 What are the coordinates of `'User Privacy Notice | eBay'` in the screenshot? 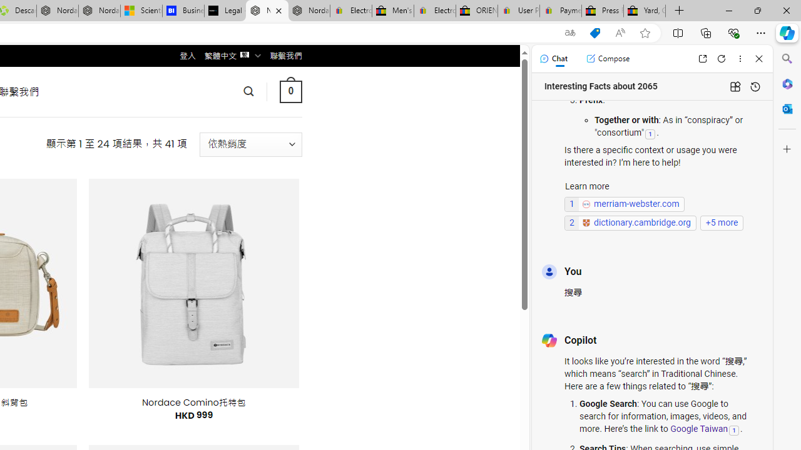 It's located at (518, 11).